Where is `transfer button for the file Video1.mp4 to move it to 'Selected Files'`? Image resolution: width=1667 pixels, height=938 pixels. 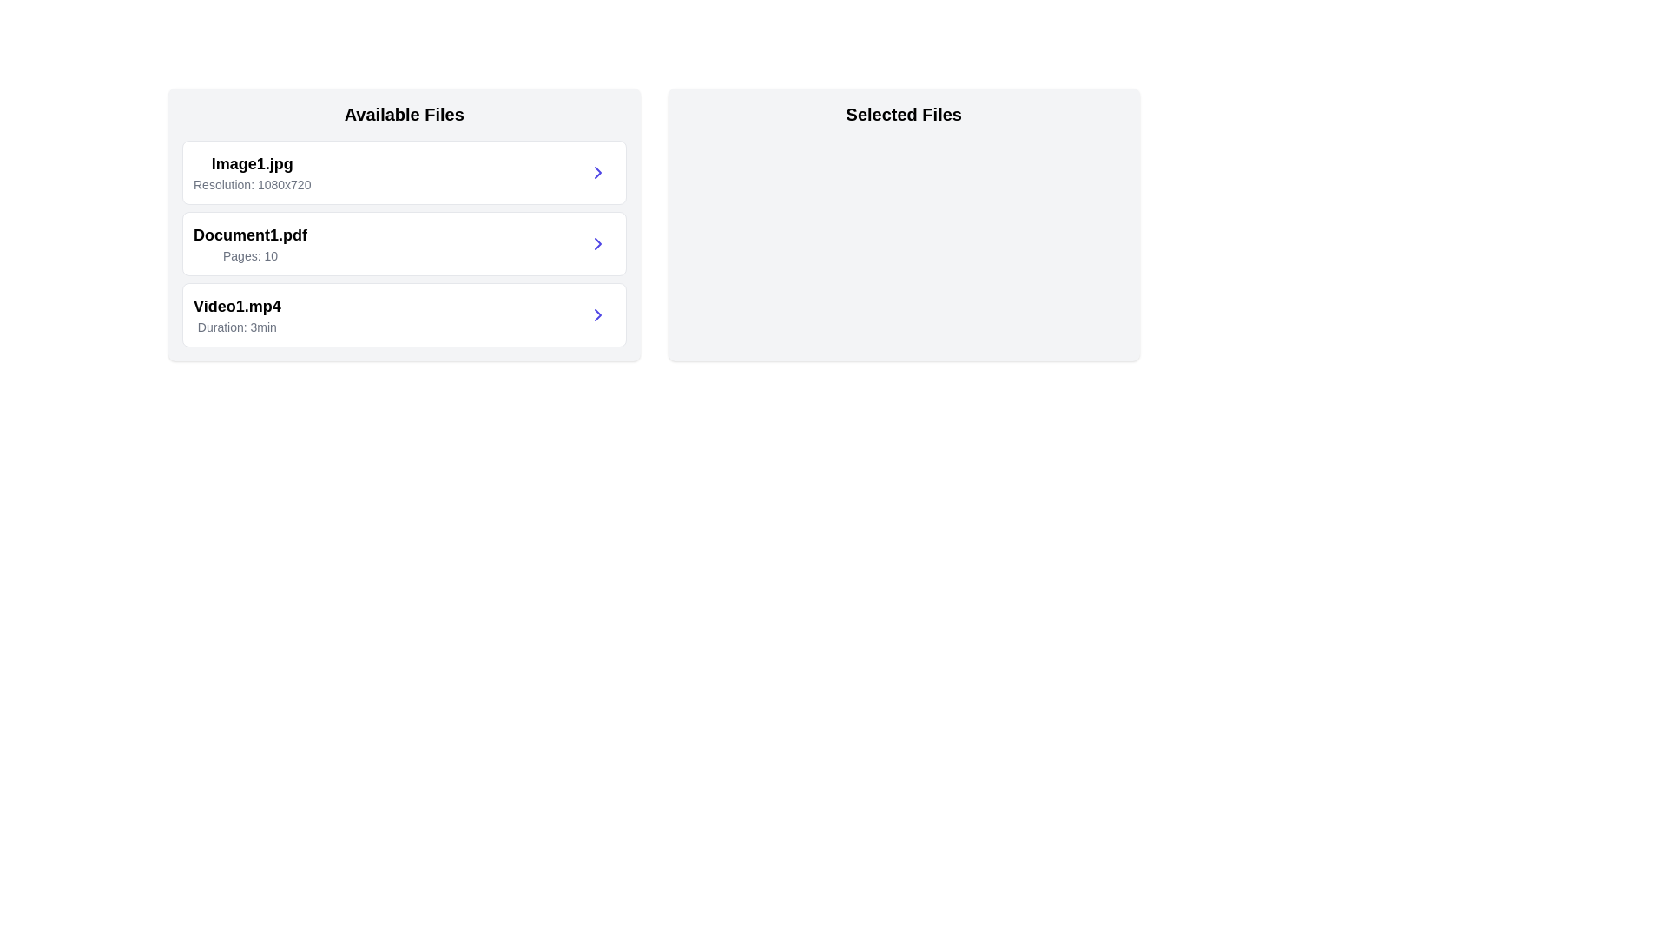
transfer button for the file Video1.mp4 to move it to 'Selected Files' is located at coordinates (597, 314).